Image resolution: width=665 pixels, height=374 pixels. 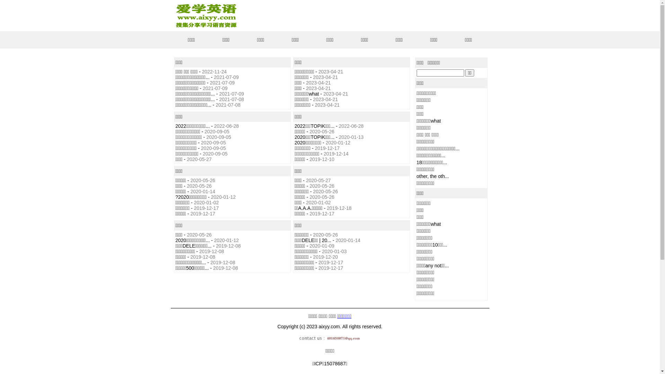 I want to click on 'other, the oth...', so click(x=432, y=176).